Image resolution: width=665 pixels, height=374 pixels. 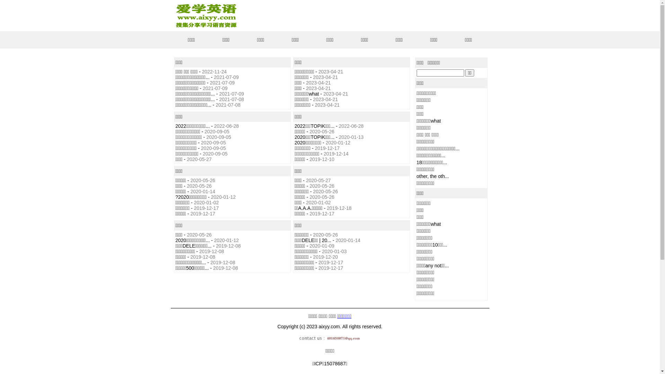 I want to click on 'other, the oth...', so click(x=432, y=176).